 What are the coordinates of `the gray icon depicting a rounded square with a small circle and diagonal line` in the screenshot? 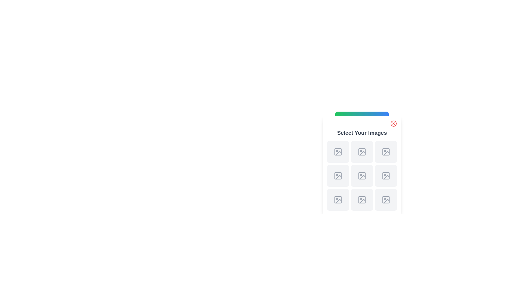 It's located at (385, 200).